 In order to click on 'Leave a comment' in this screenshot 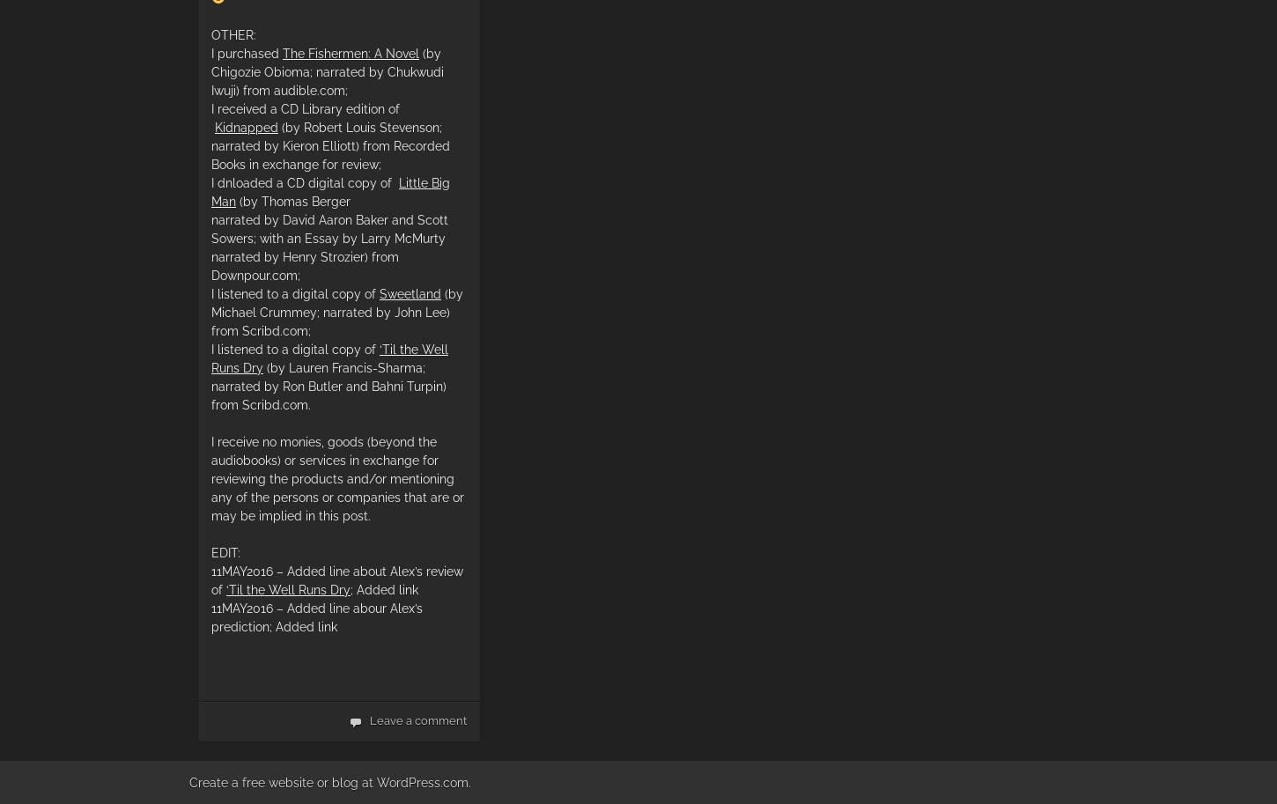, I will do `click(417, 719)`.